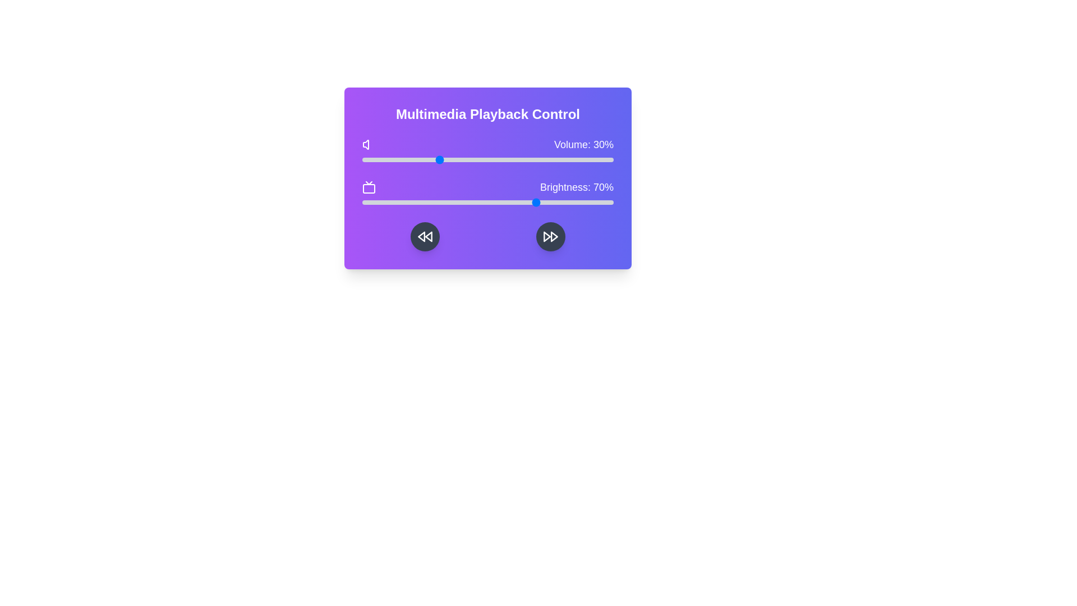 This screenshot has width=1077, height=606. What do you see at coordinates (425, 236) in the screenshot?
I see `the rewind button` at bounding box center [425, 236].